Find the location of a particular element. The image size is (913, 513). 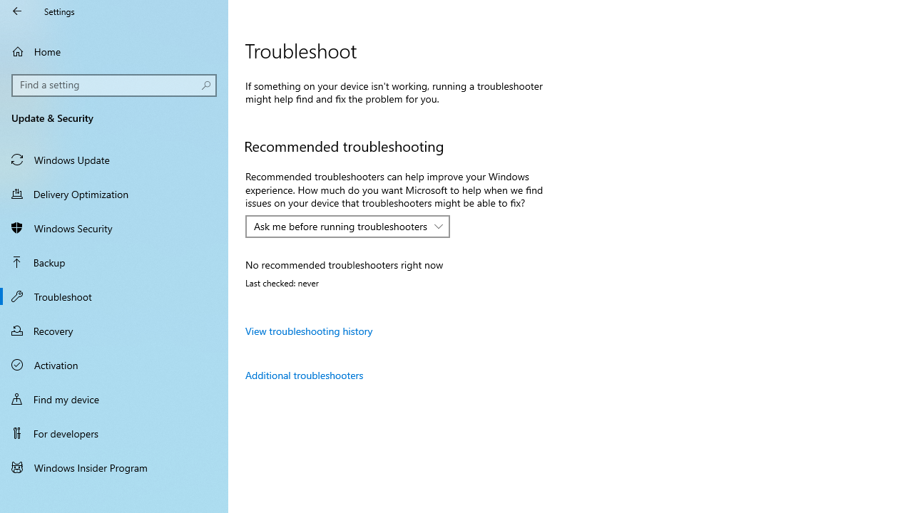

'Backup' is located at coordinates (114, 261).